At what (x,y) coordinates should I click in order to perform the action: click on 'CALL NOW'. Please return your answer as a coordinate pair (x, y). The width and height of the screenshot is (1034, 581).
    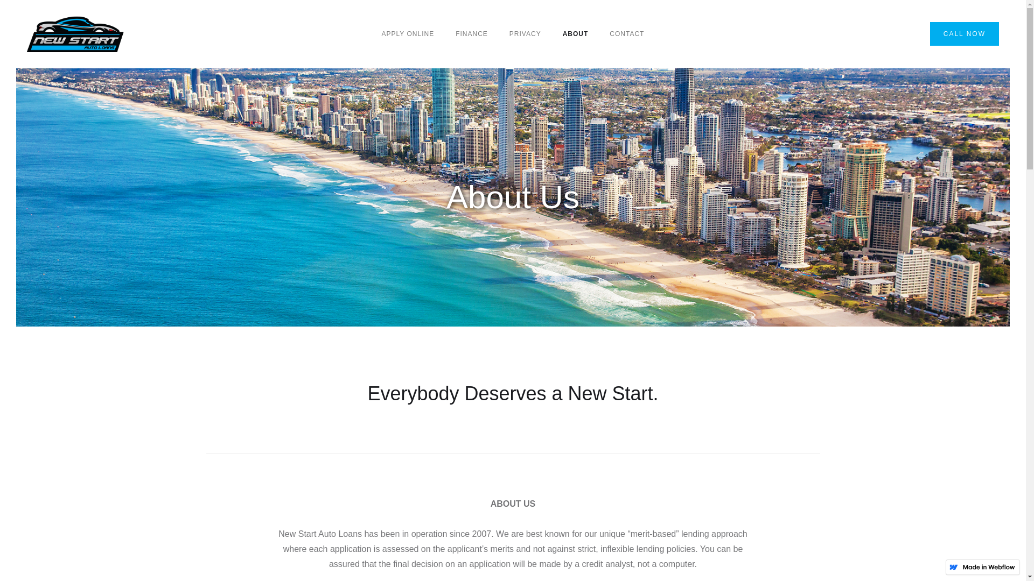
    Looking at the image, I should click on (964, 33).